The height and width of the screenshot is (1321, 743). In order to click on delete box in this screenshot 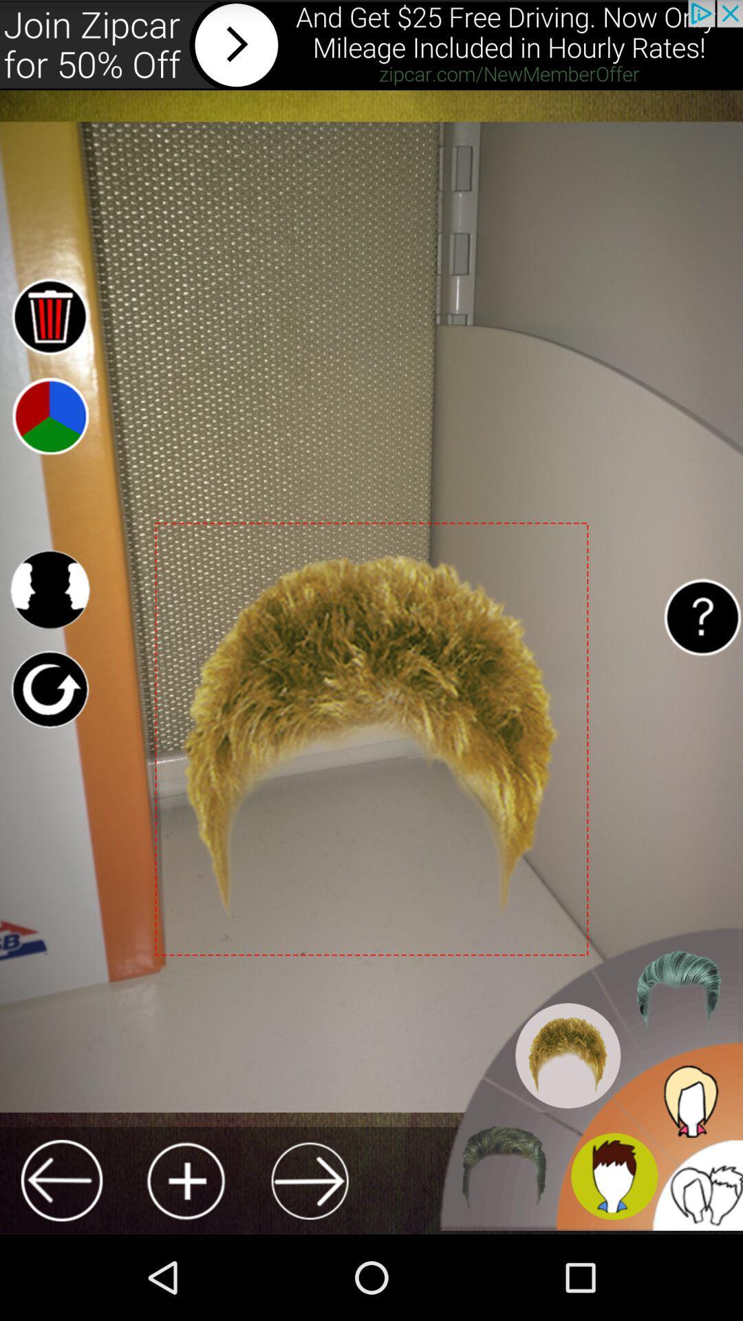, I will do `click(49, 315)`.